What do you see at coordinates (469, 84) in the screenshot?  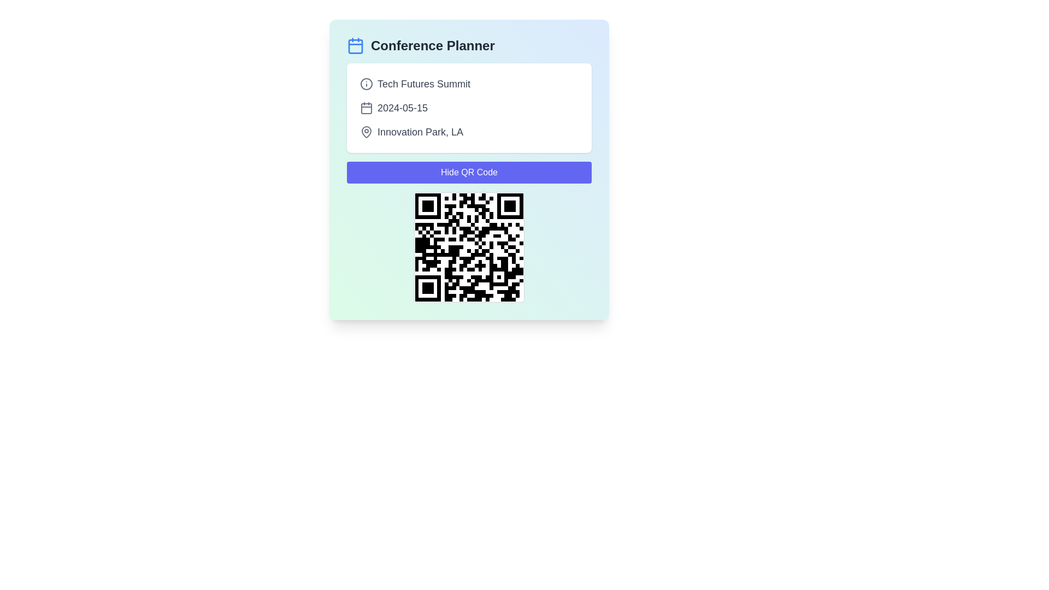 I see `text displayed on the label for the event 'Tech Futures Summit', located in the central part of the white card above the date '2024-05-15'` at bounding box center [469, 84].